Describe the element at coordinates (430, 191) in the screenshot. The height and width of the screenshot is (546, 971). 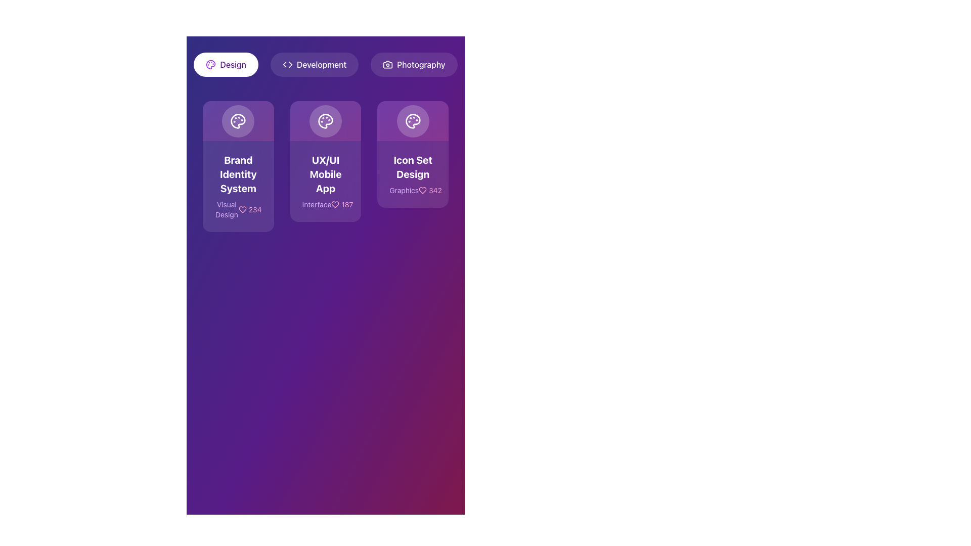
I see `the Static Label with Icon that displays the number of likes or interactions, located in the bottom-right segment of the 'Icon Set Design' card` at that location.